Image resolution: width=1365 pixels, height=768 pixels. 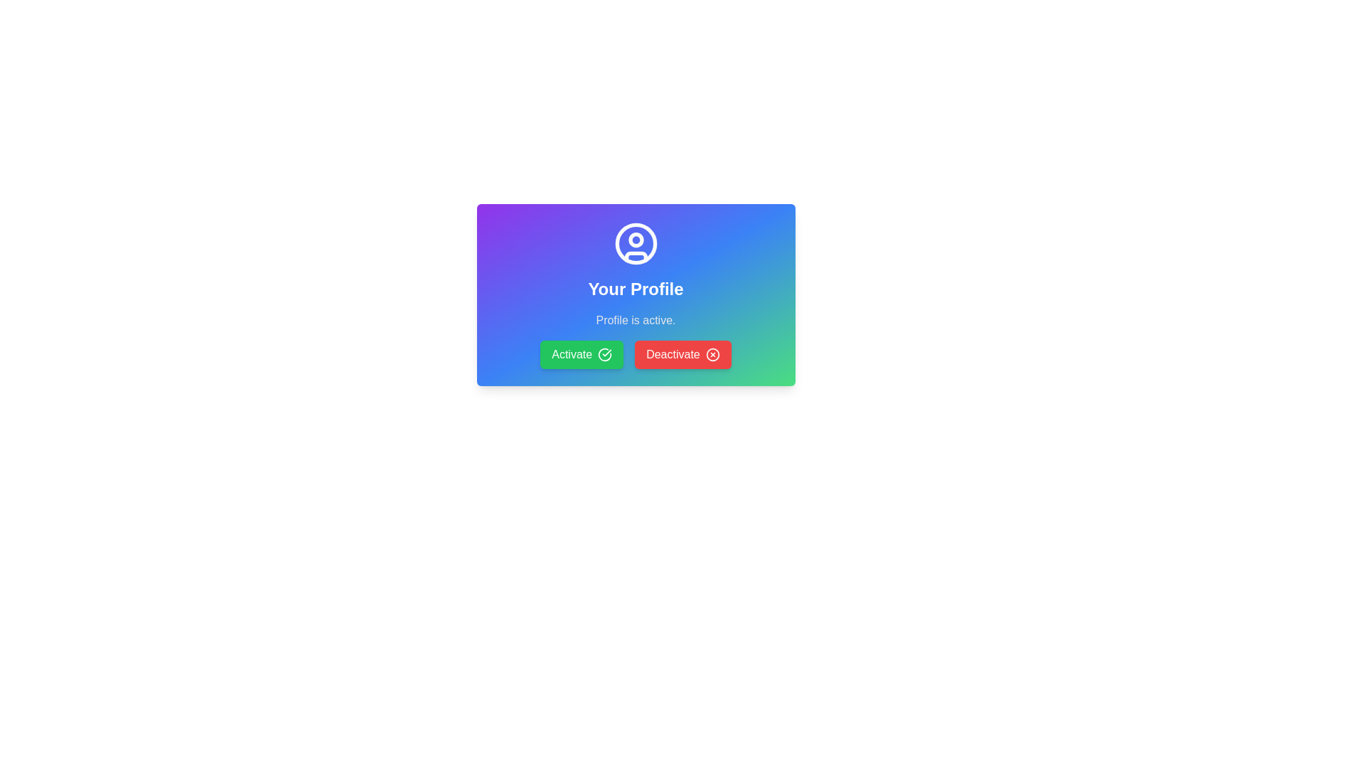 What do you see at coordinates (635, 243) in the screenshot?
I see `the vector graphic circle, which is a circular outline located at the center of the profile icon within the 'Your Profile' card component` at bounding box center [635, 243].